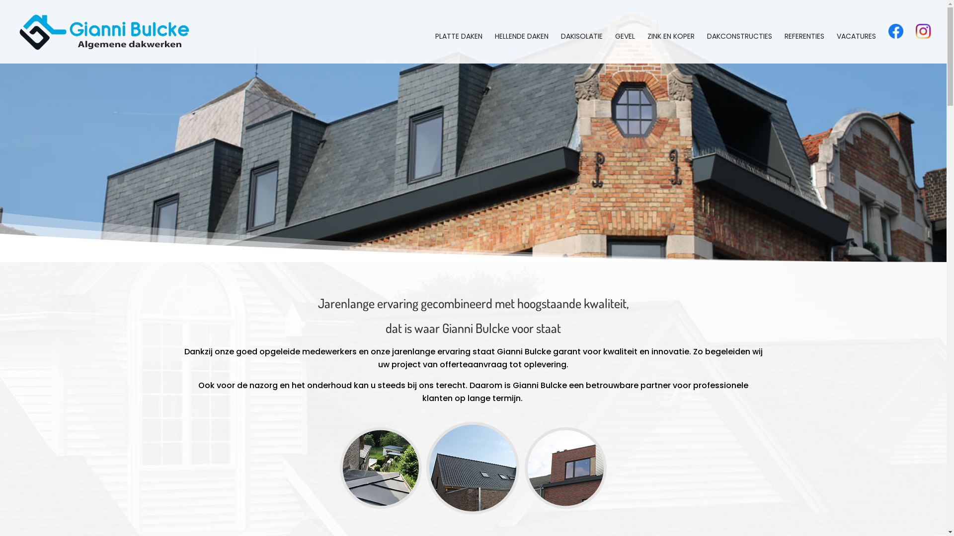 Image resolution: width=954 pixels, height=536 pixels. Describe the element at coordinates (521, 48) in the screenshot. I see `'HELLENDE DAKEN'` at that location.